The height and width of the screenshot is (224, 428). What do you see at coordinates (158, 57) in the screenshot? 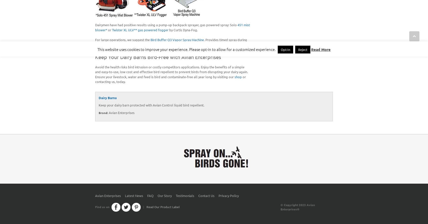
I see `'Keep Your Dairy Barns Bird-Free with Avian Enterprises'` at bounding box center [158, 57].